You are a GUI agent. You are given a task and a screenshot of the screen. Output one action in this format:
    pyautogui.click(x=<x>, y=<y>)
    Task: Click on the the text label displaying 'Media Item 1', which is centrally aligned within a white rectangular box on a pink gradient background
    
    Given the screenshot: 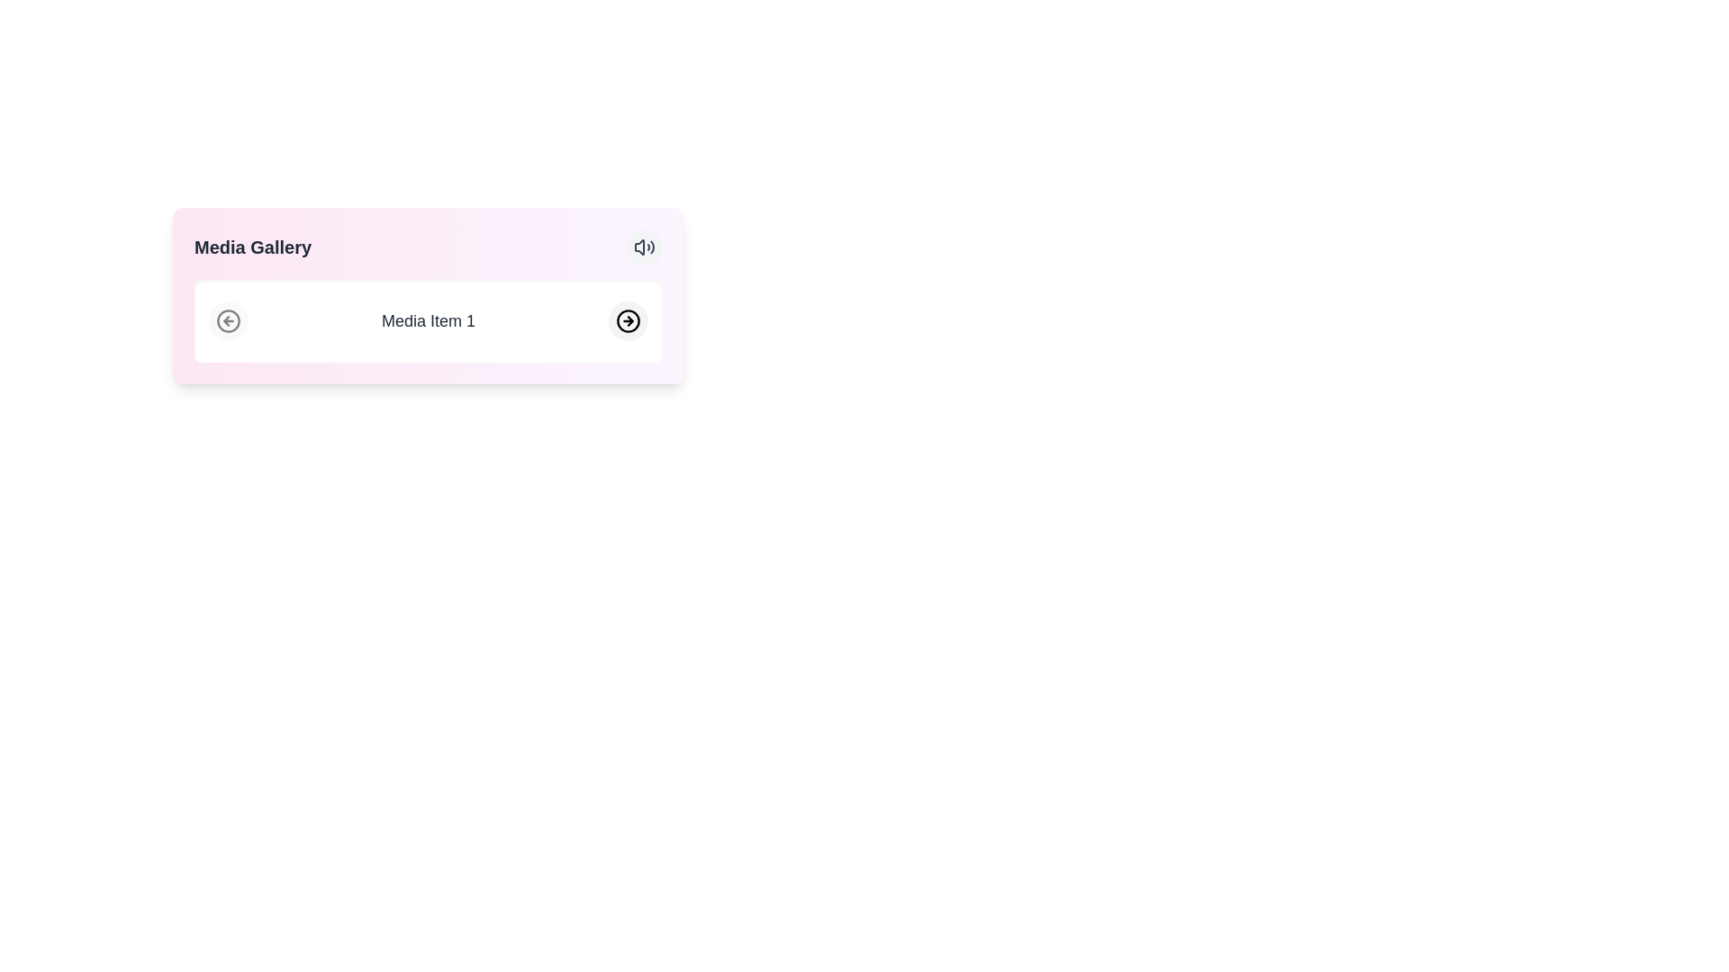 What is the action you would take?
    pyautogui.click(x=427, y=320)
    